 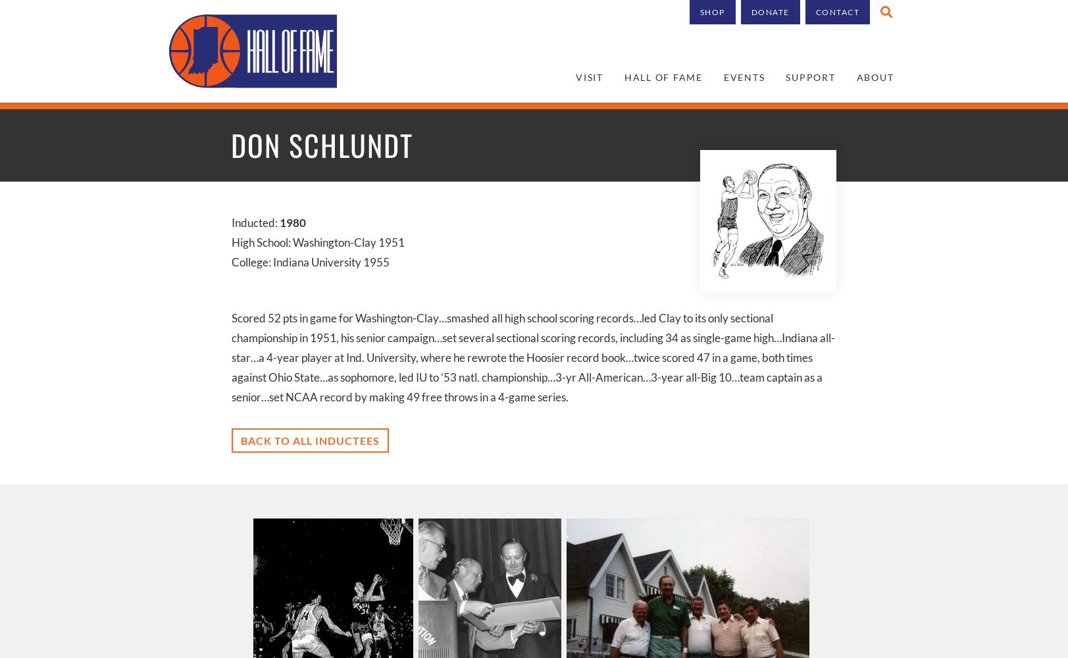 What do you see at coordinates (255, 222) in the screenshot?
I see `'Inducted:'` at bounding box center [255, 222].